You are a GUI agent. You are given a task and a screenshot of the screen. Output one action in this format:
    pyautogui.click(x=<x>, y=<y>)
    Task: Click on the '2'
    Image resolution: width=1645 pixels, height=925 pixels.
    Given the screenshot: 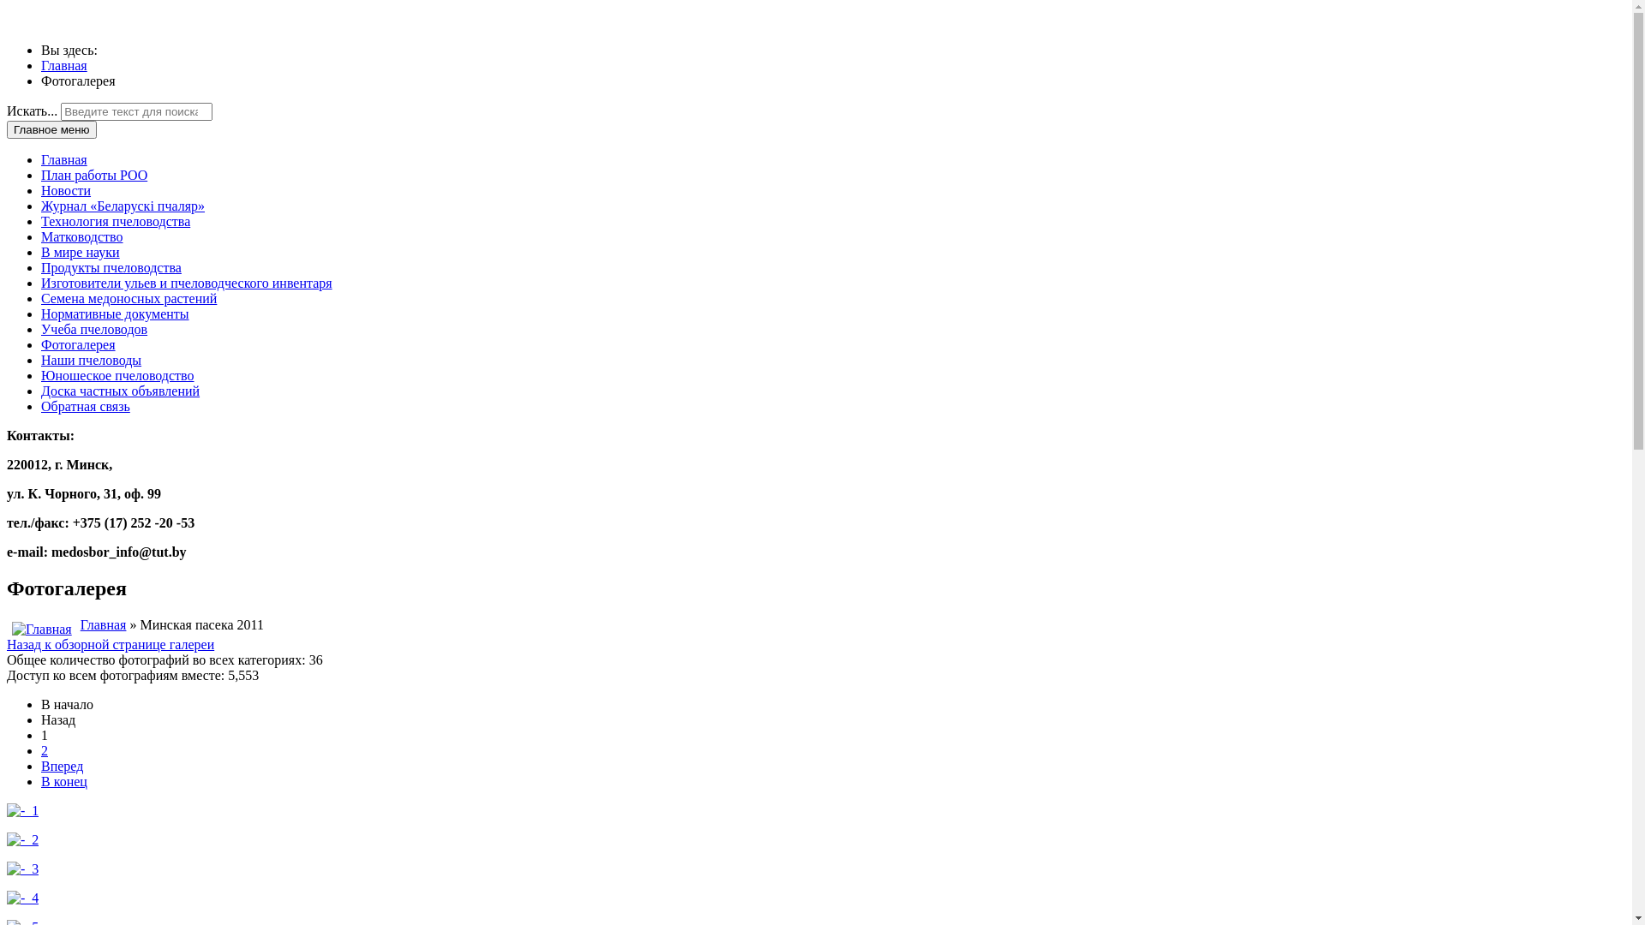 What is the action you would take?
    pyautogui.click(x=45, y=749)
    